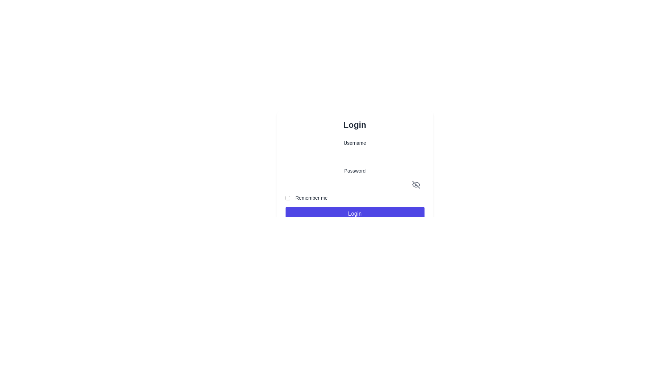 The width and height of the screenshot is (667, 375). What do you see at coordinates (355, 171) in the screenshot?
I see `the label indicating the purpose of the adjacent password input field, which is slightly below the center of the interface and aligned to the left of the input field` at bounding box center [355, 171].